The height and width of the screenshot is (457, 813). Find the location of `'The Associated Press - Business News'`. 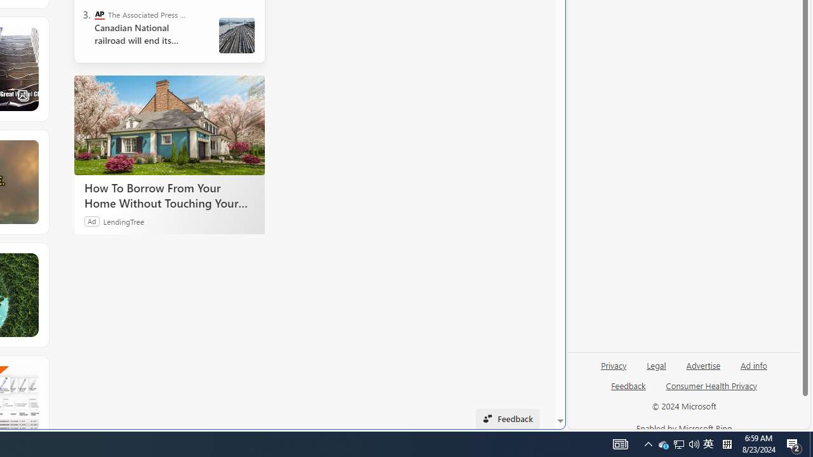

'The Associated Press - Business News' is located at coordinates (98, 15).